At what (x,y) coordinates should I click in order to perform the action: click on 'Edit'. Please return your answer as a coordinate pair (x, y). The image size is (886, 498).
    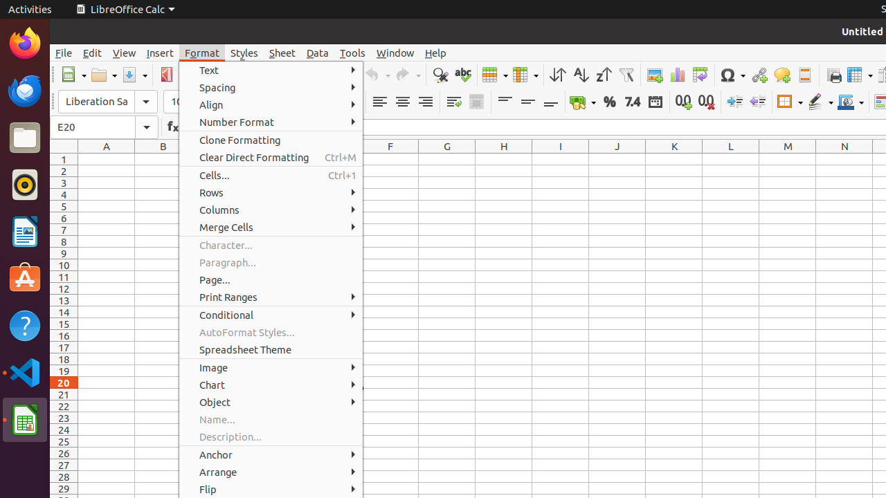
    Looking at the image, I should click on (91, 52).